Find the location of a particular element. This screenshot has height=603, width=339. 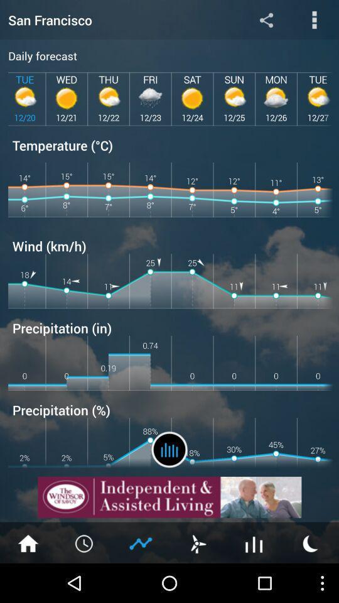

wind is located at coordinates (197, 542).